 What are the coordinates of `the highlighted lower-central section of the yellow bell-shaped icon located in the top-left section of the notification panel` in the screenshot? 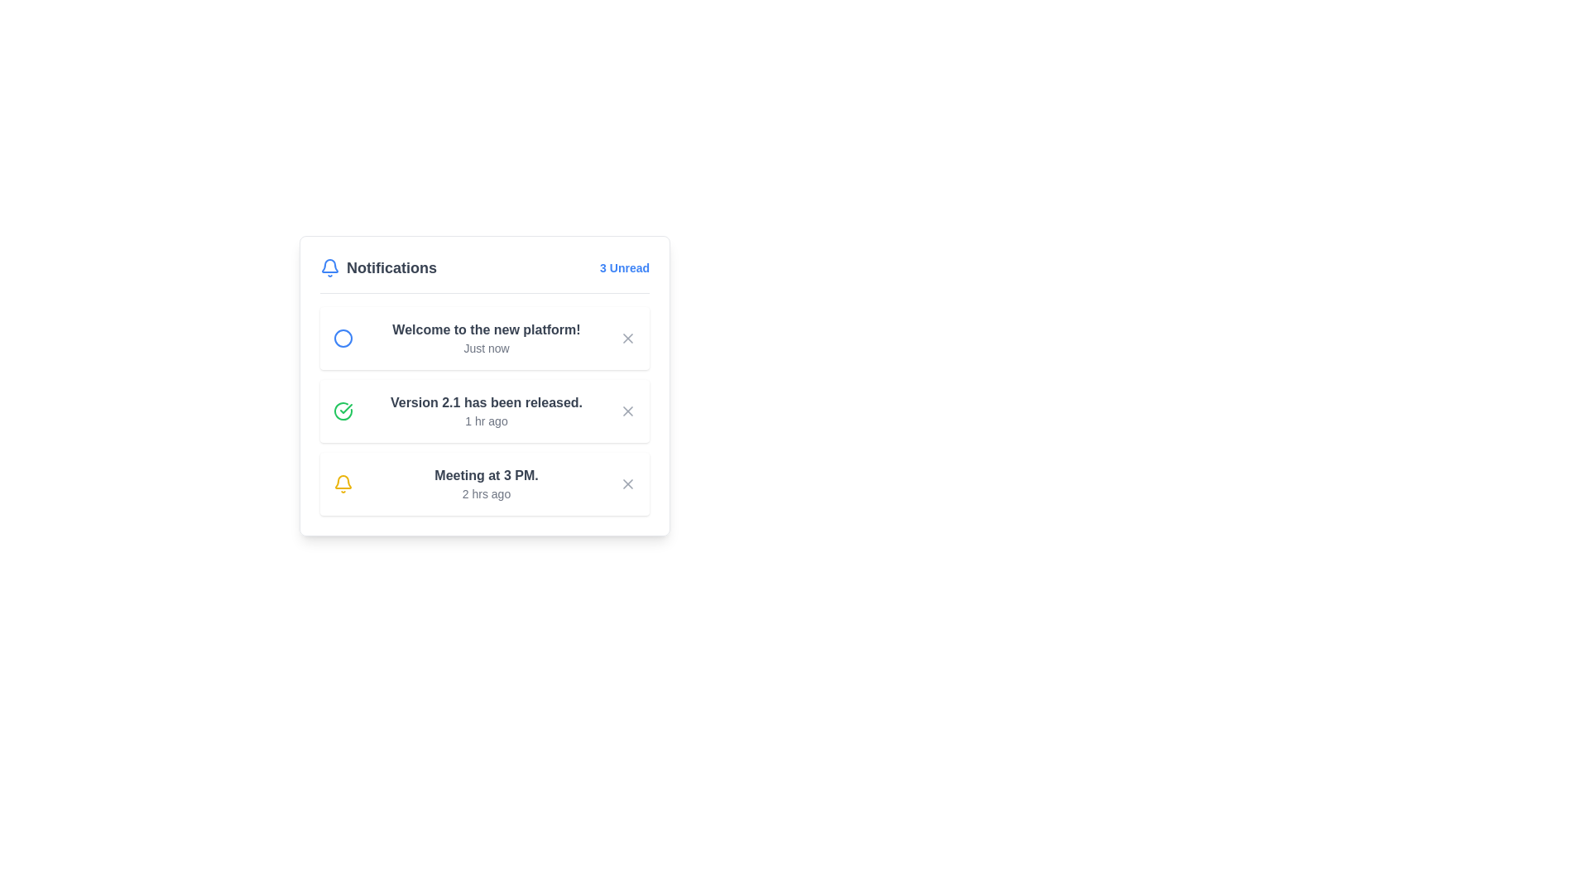 It's located at (342, 482).